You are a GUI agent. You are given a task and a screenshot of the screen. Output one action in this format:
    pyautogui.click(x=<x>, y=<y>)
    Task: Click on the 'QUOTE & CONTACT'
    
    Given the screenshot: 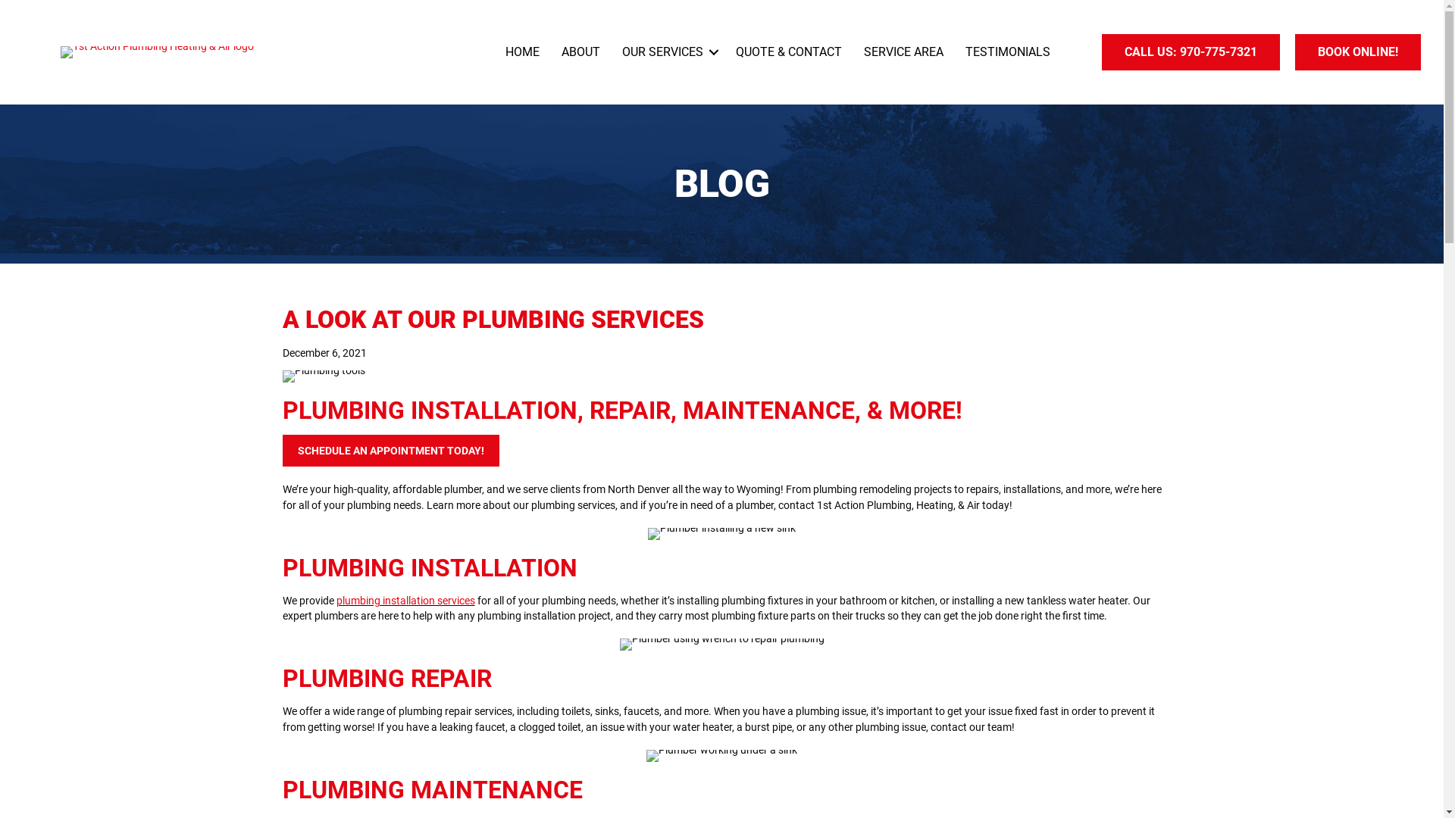 What is the action you would take?
    pyautogui.click(x=788, y=52)
    